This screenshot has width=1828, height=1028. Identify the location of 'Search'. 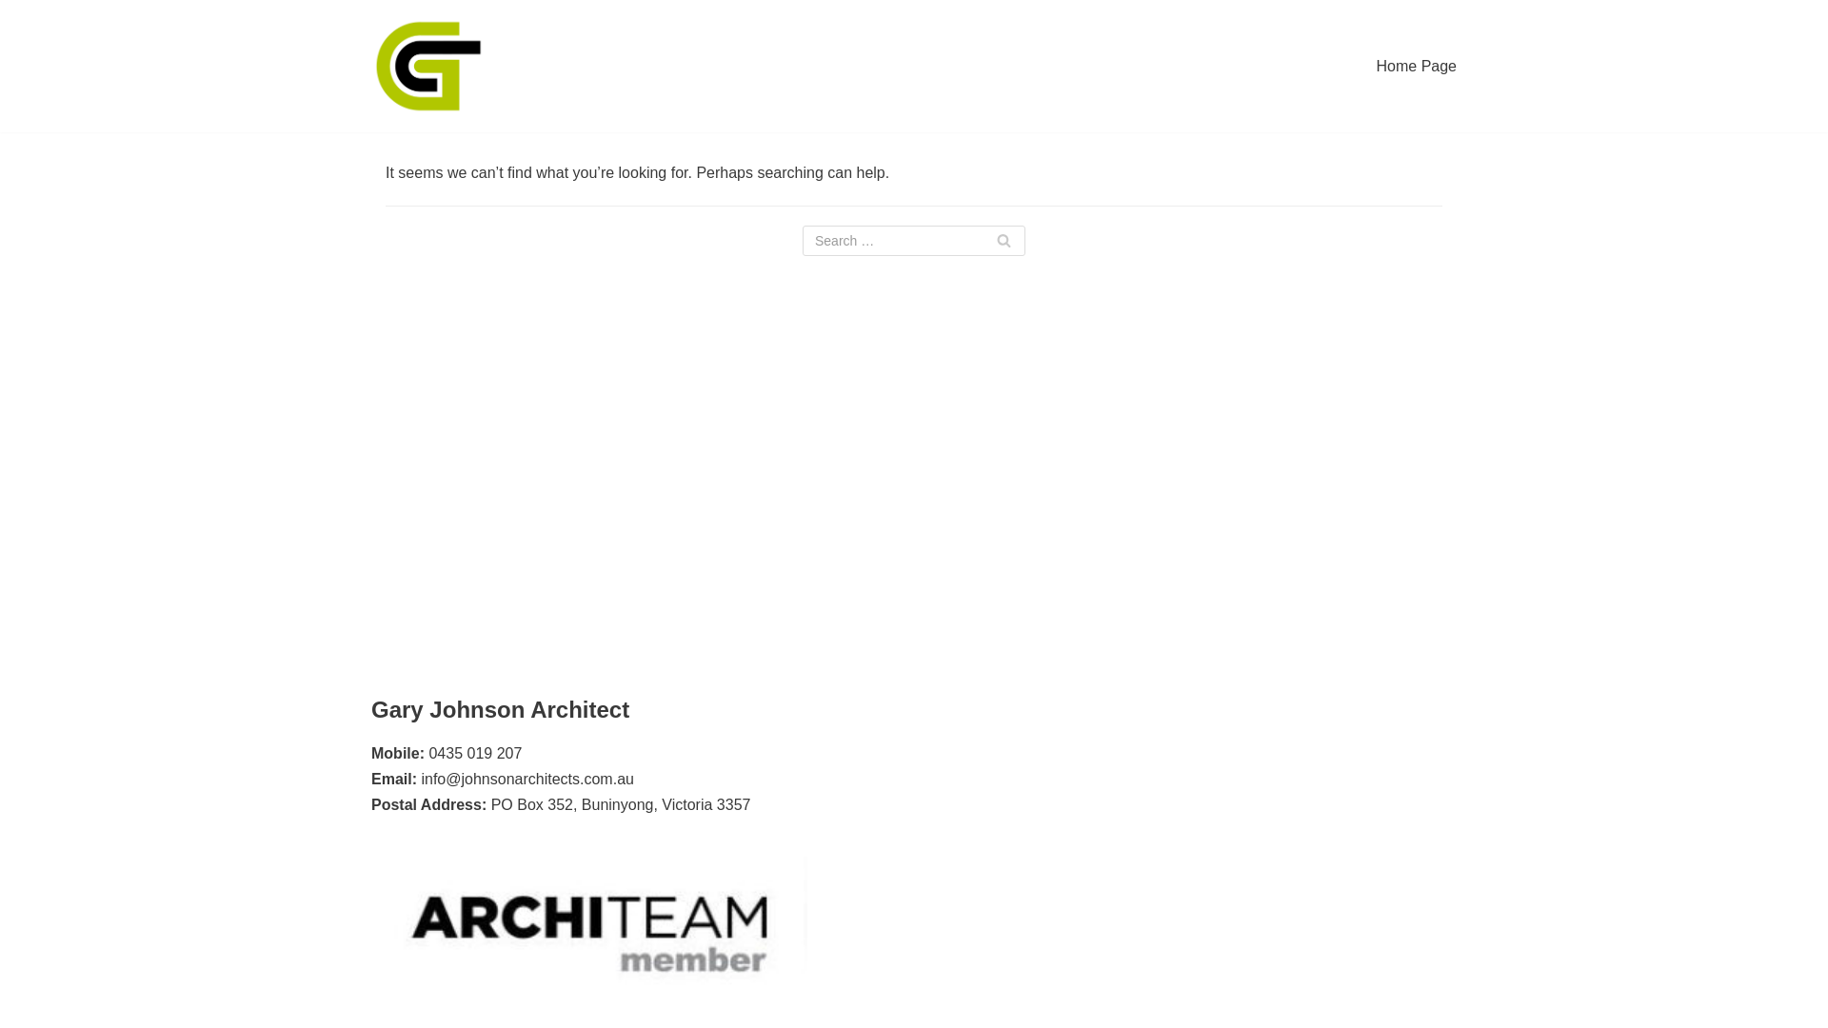
(1003, 240).